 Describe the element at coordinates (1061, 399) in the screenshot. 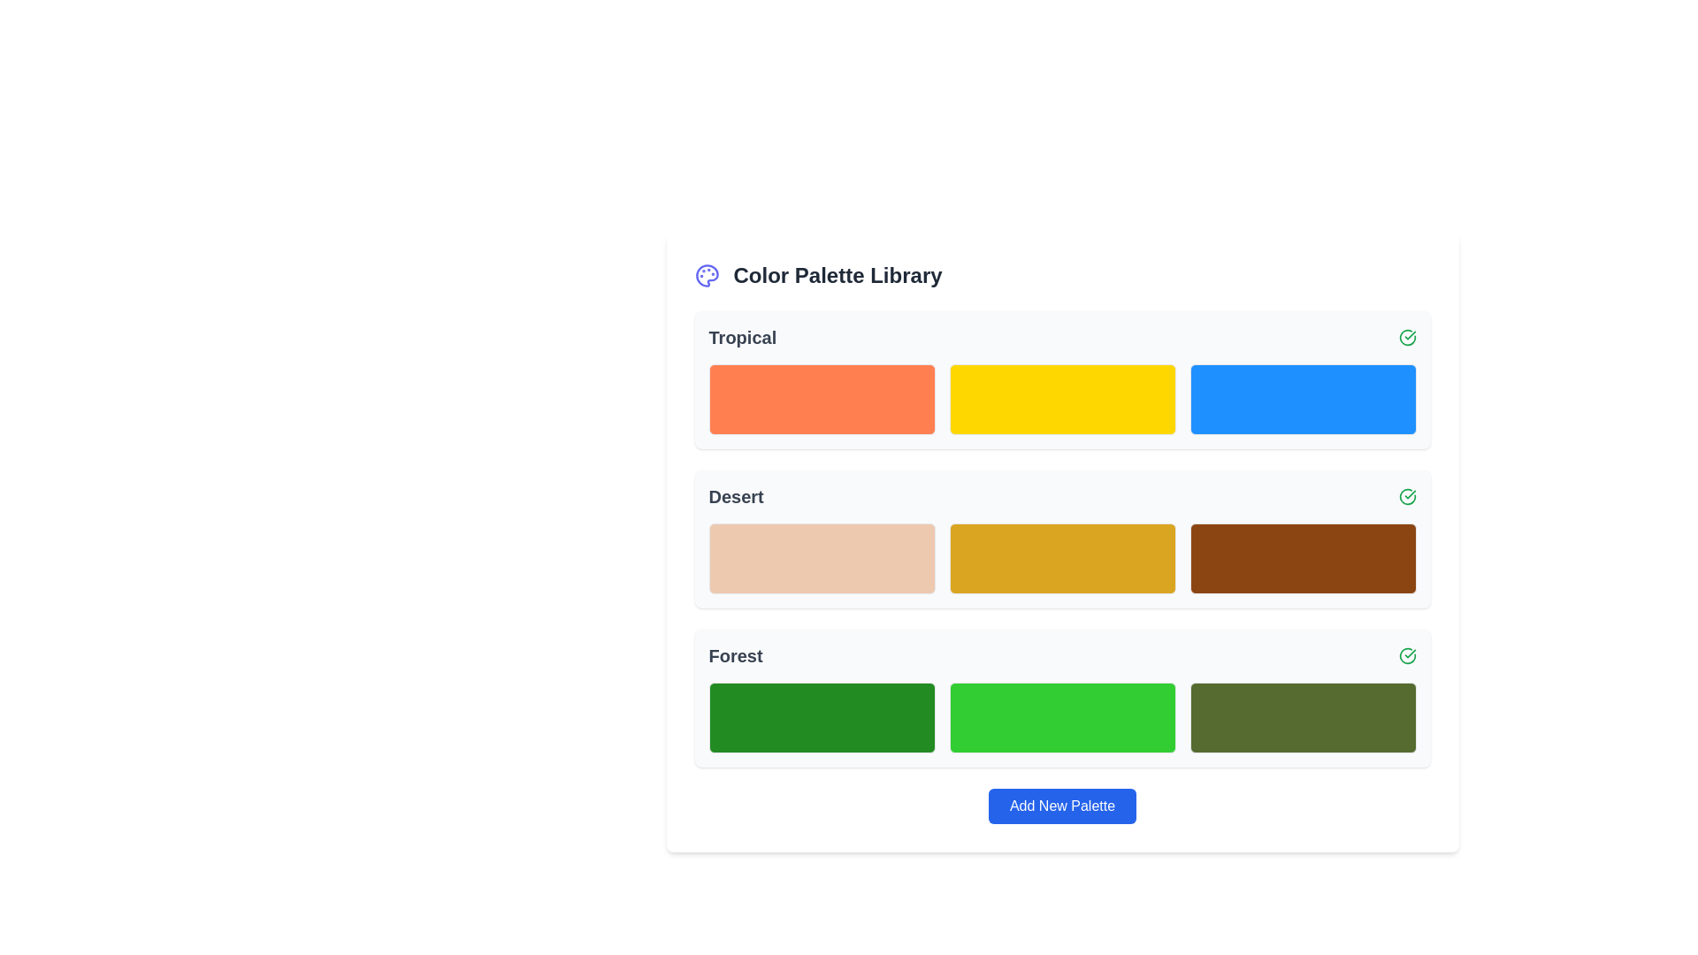

I see `the color preview blocks` at that location.